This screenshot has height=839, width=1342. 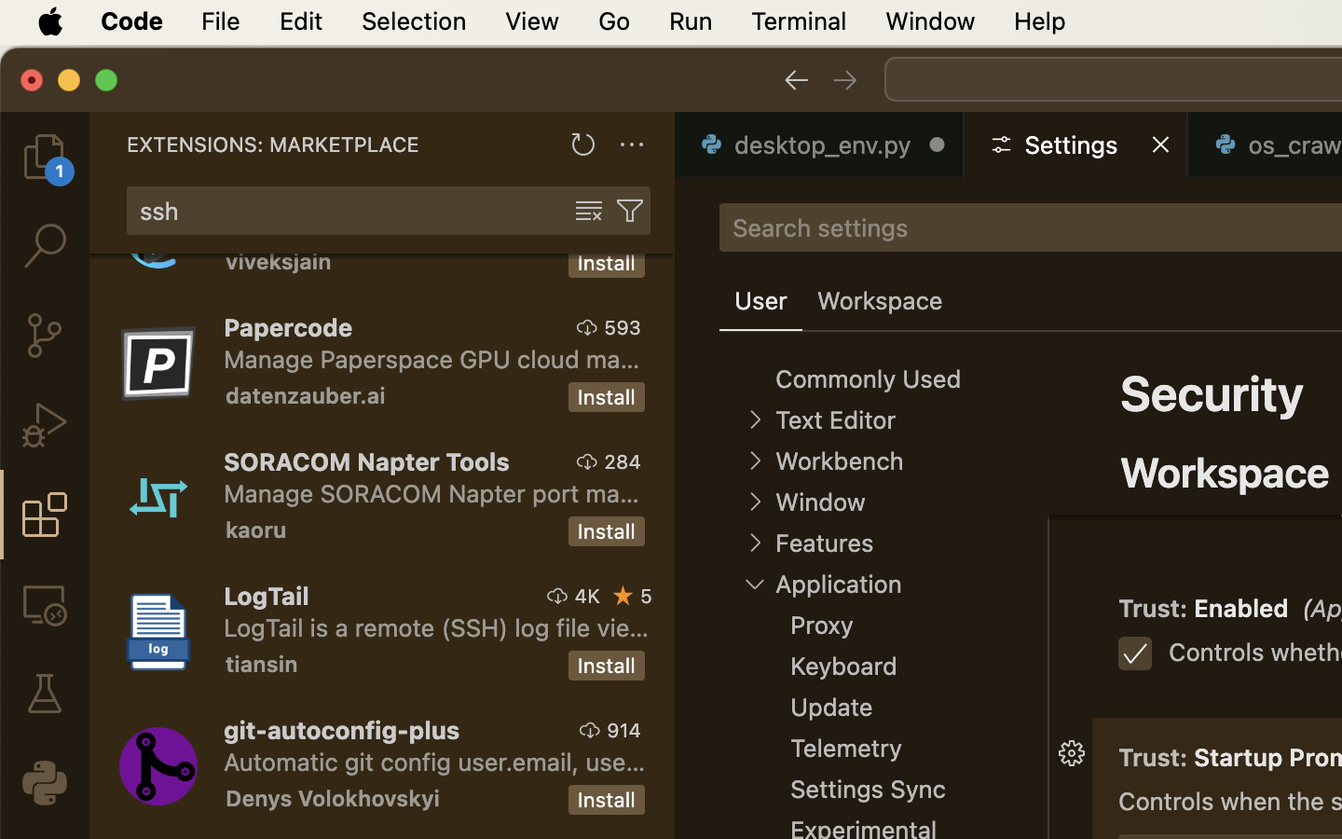 I want to click on '0 ', so click(x=43, y=336).